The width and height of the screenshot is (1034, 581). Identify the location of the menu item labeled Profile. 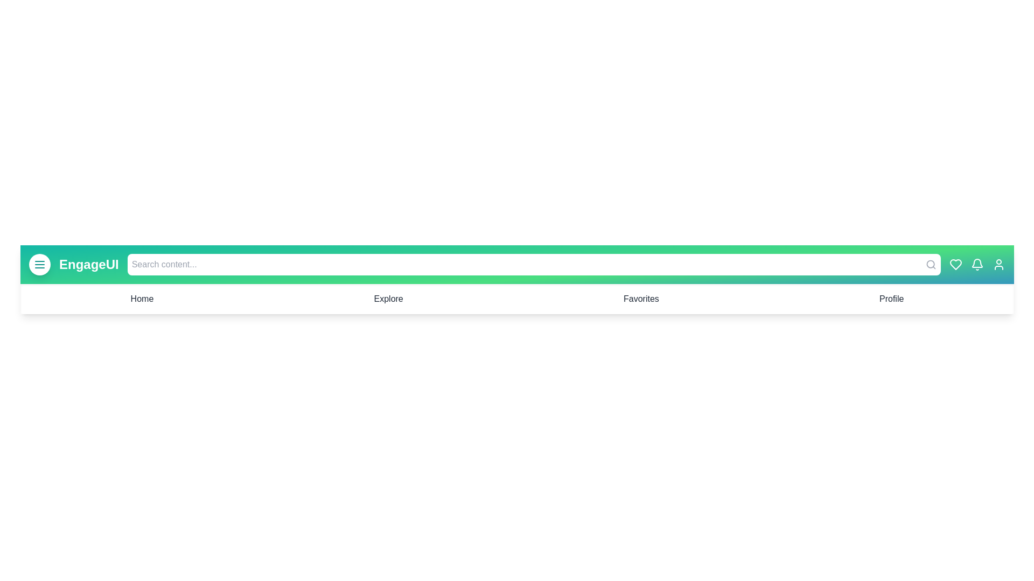
(891, 299).